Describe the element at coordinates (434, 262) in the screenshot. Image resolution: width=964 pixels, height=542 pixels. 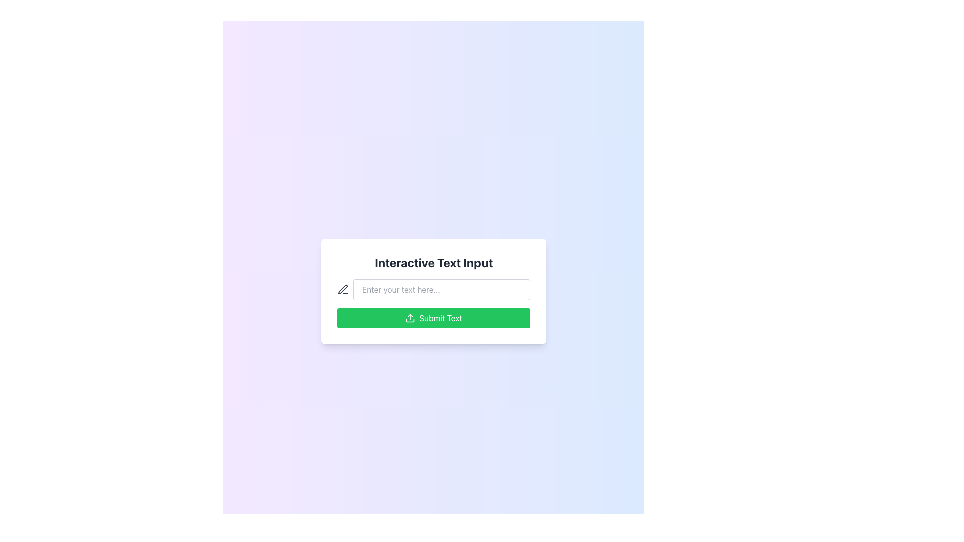
I see `text label displaying 'Interactive Text Input', which is a prominent header in bold font at the top center of the interface card` at that location.